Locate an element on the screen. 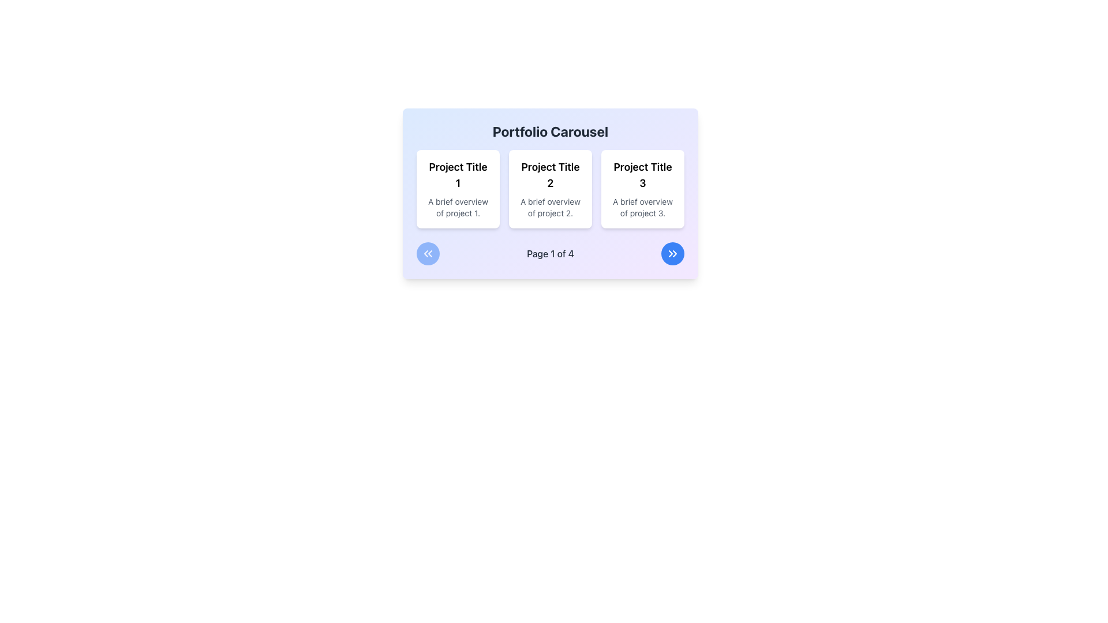 Image resolution: width=1108 pixels, height=623 pixels. the Text Label indicating the current page number and total pages in the carousel navigation for styling effects is located at coordinates (550, 253).